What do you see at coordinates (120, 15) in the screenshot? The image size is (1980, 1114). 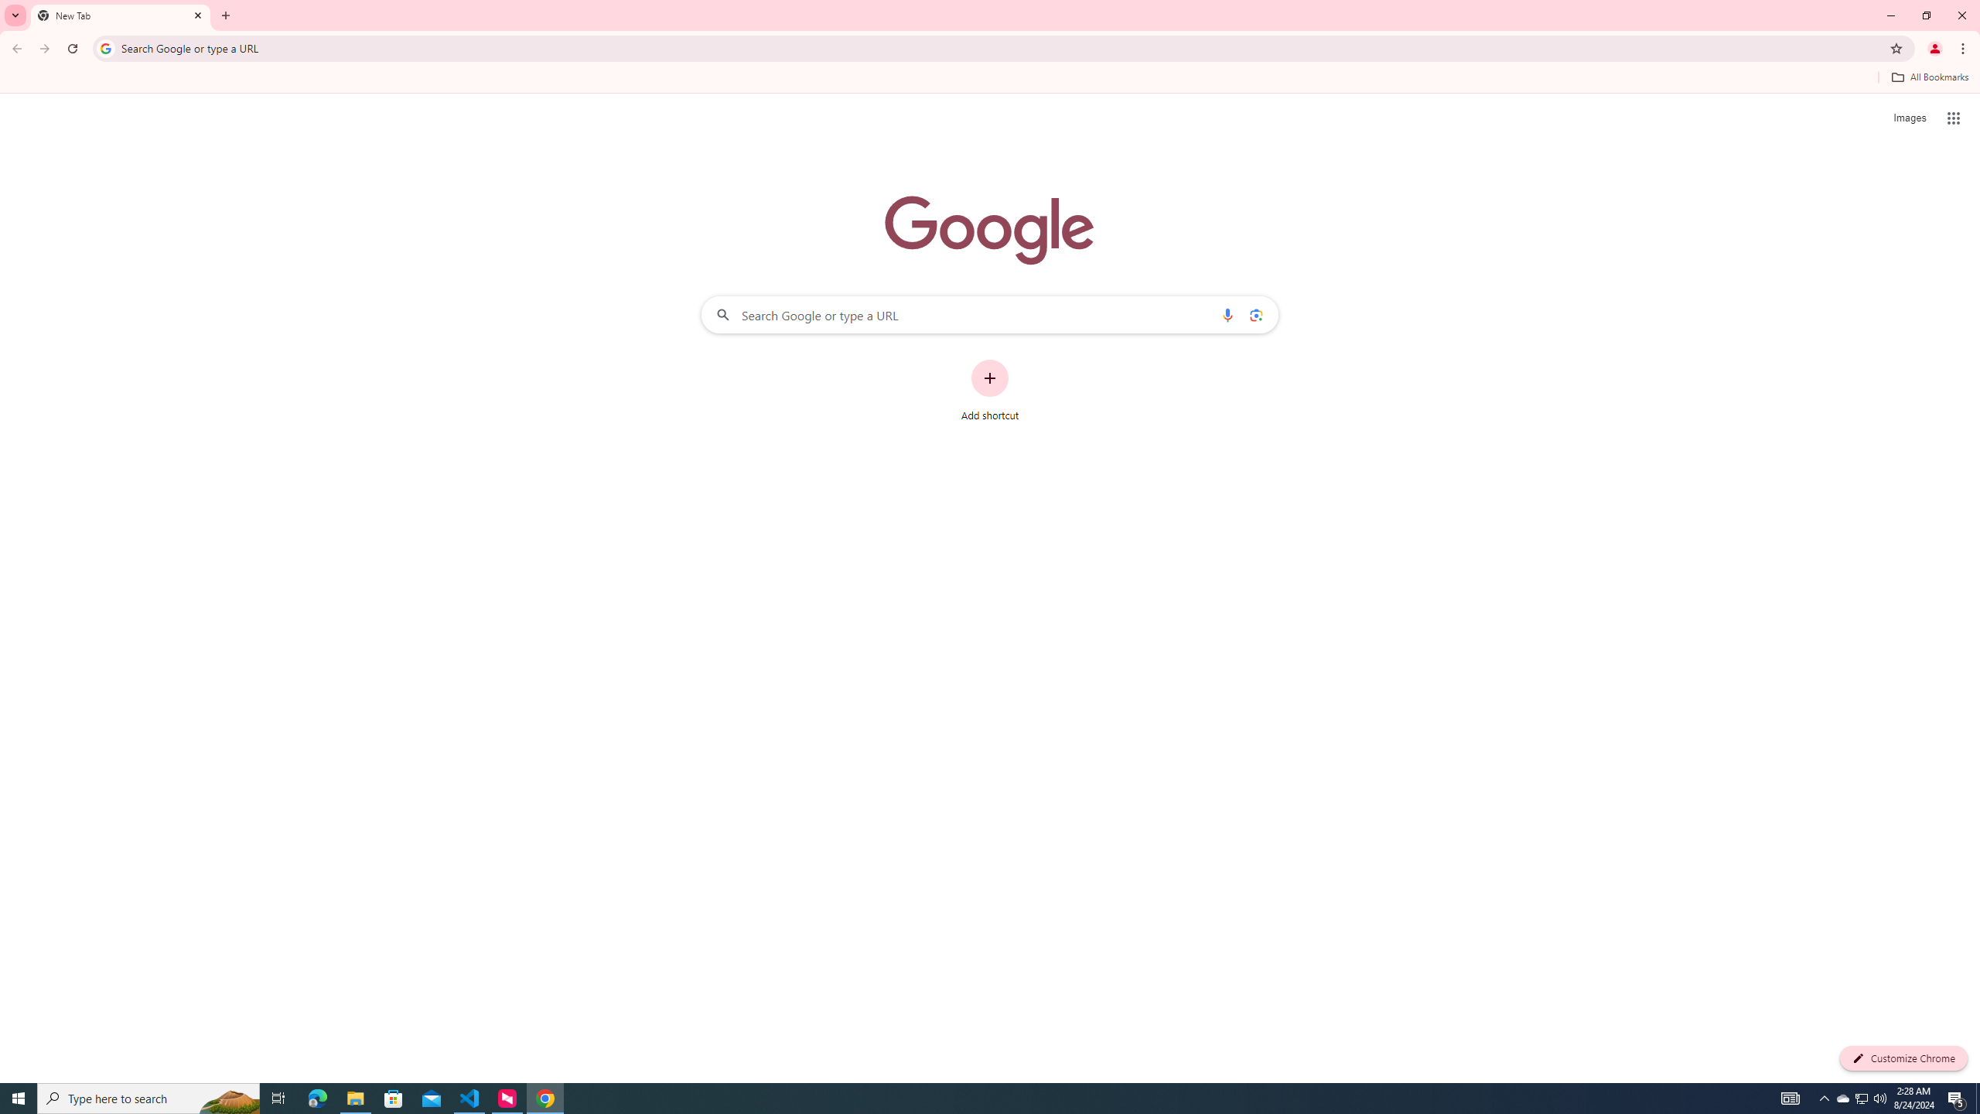 I see `'New Tab'` at bounding box center [120, 15].